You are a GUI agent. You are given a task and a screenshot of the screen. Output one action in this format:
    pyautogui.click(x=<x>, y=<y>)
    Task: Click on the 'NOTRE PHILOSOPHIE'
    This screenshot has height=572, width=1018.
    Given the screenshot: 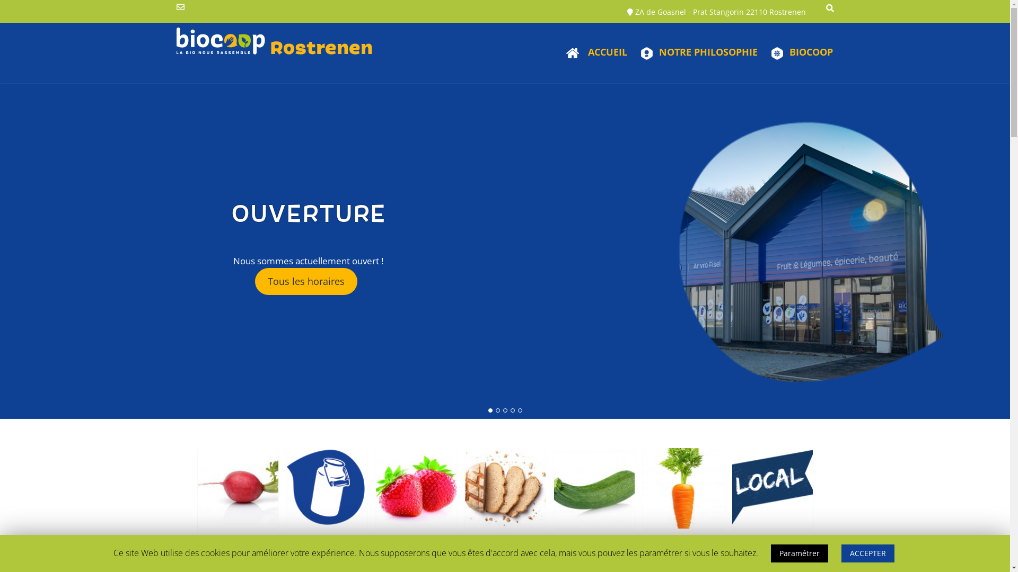 What is the action you would take?
    pyautogui.click(x=630, y=52)
    